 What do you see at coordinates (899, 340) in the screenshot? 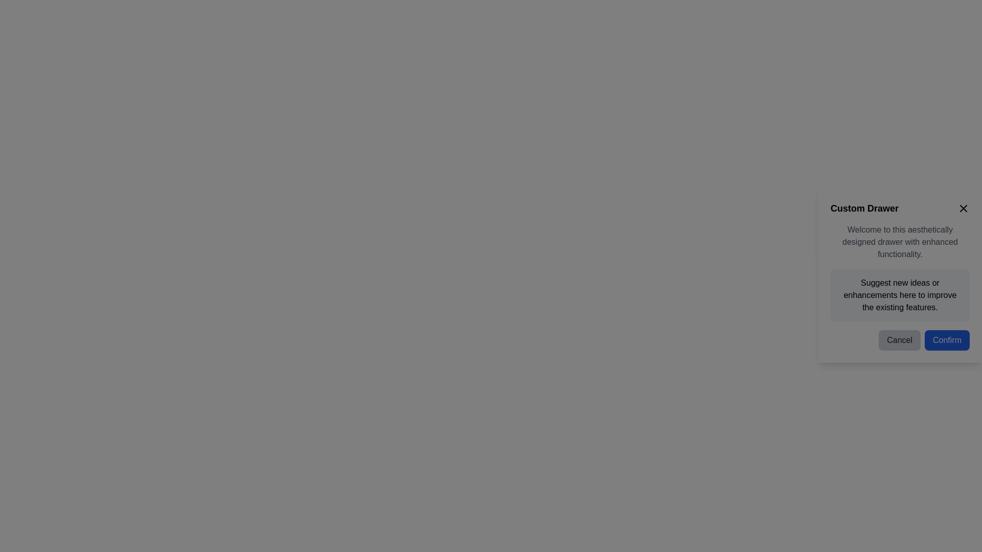
I see `the dismiss button located at the bottom-right section of the modal pop-up, which is positioned to the left of the 'Confirm' button` at bounding box center [899, 340].